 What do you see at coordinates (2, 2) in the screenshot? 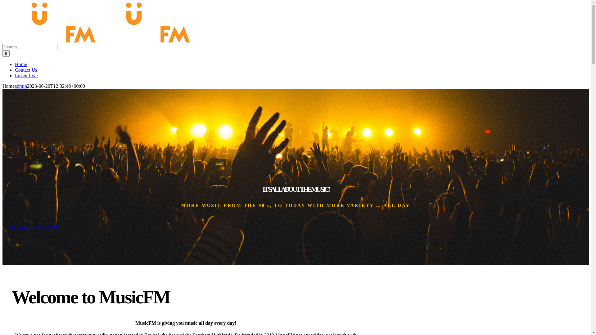
I see `'Skip to content'` at bounding box center [2, 2].